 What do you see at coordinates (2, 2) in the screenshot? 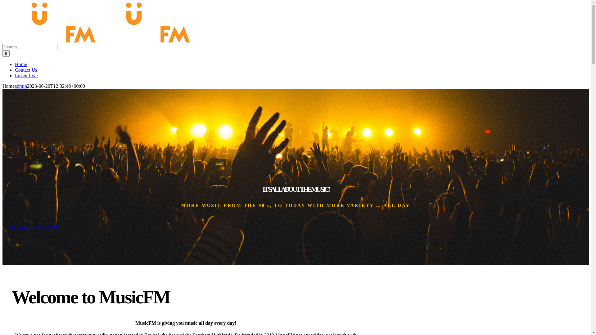
I see `'Skip to content'` at bounding box center [2, 2].